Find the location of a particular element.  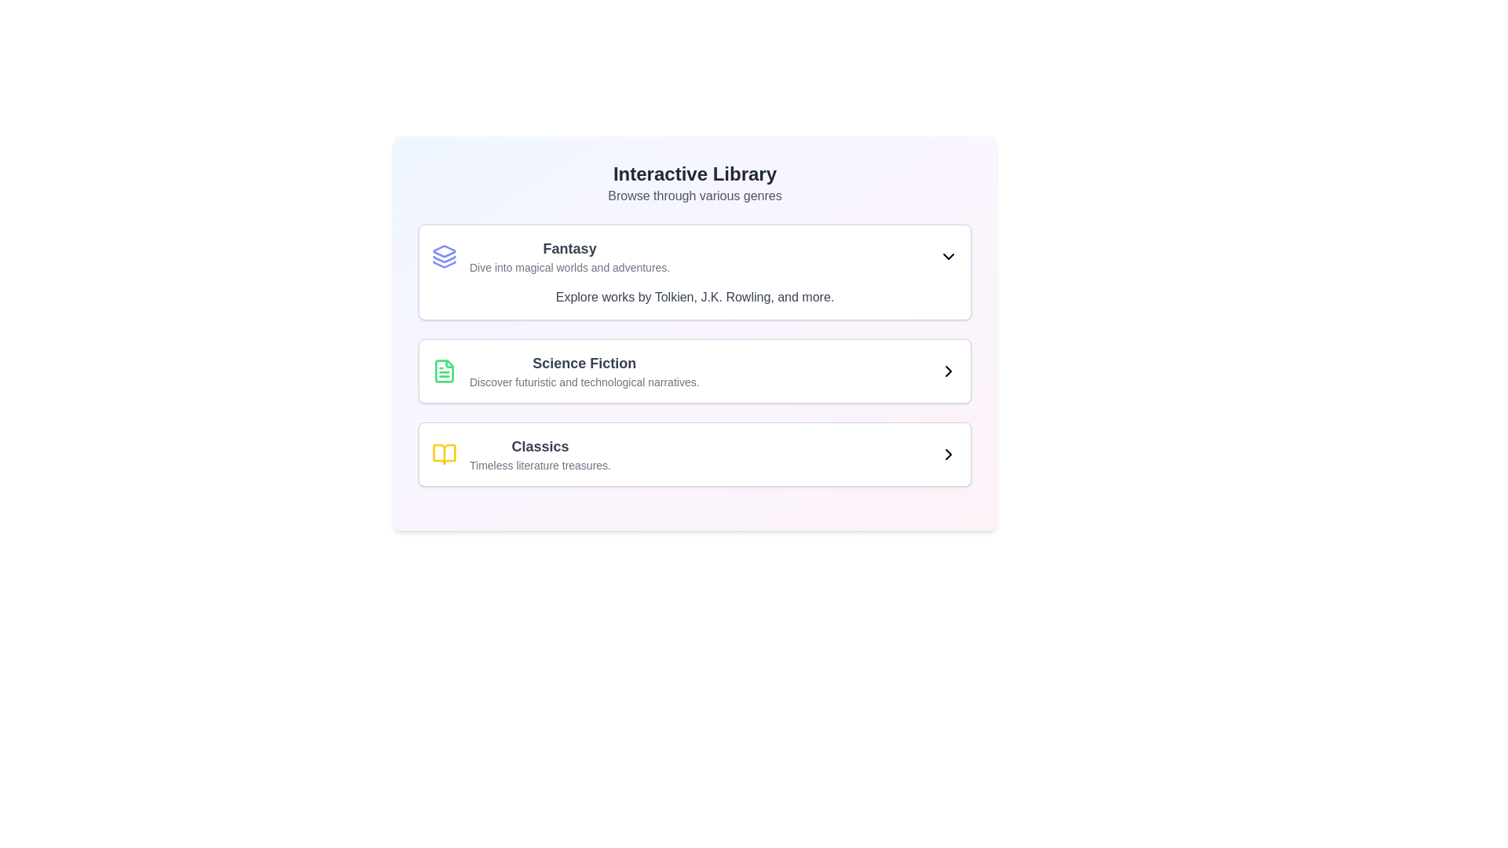

the third list item representing classic literature is located at coordinates (521, 454).